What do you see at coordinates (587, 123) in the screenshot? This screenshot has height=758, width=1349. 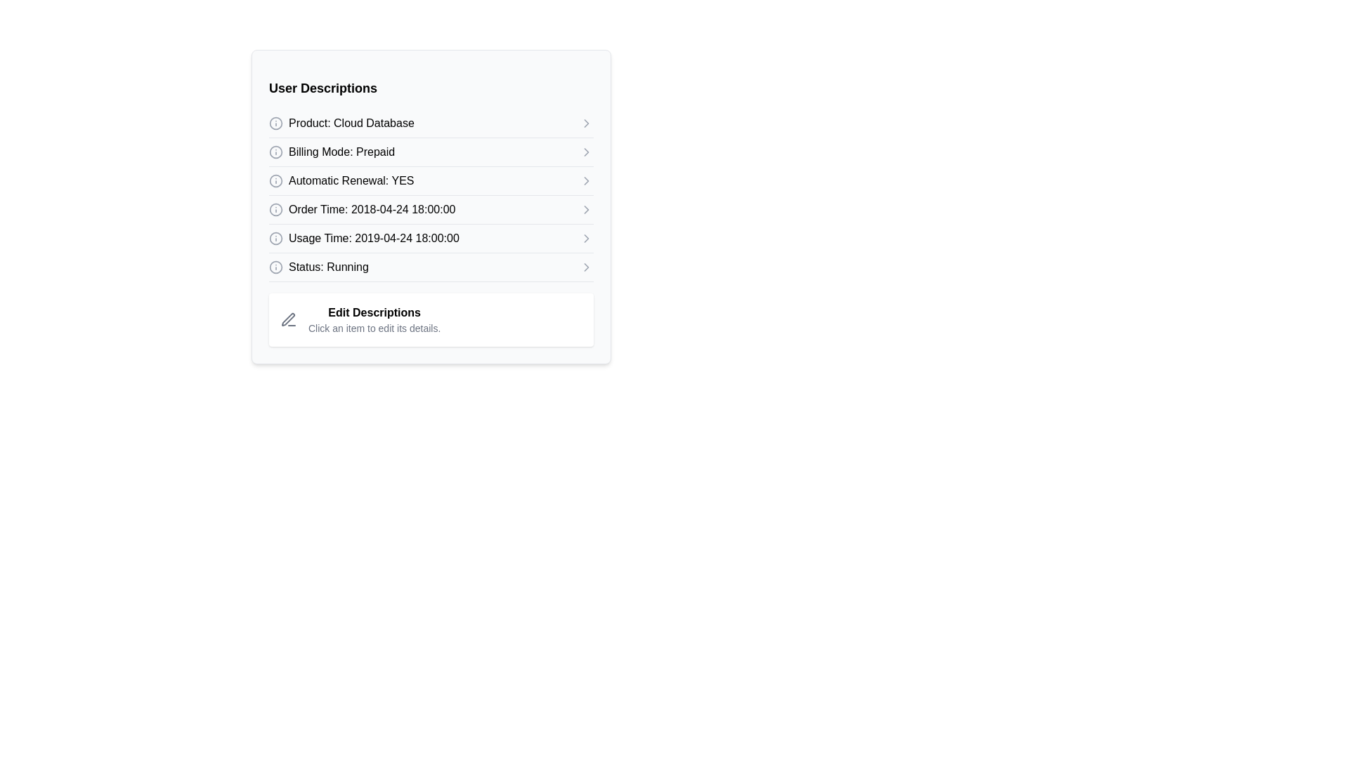 I see `the right-pointing chevron icon located next to the text 'Product: Cloud Database' in the user descriptions list` at bounding box center [587, 123].